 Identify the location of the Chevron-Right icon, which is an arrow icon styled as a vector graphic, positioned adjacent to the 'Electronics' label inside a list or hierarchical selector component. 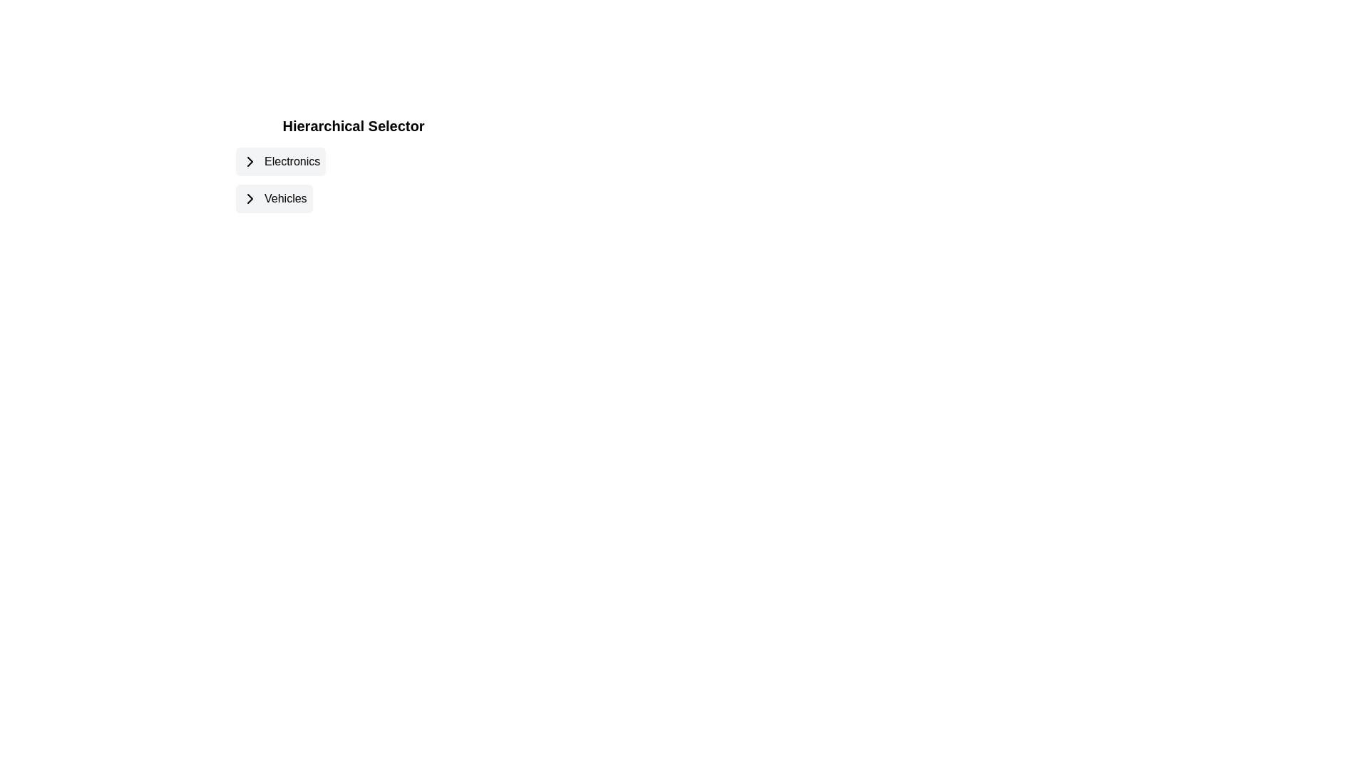
(250, 161).